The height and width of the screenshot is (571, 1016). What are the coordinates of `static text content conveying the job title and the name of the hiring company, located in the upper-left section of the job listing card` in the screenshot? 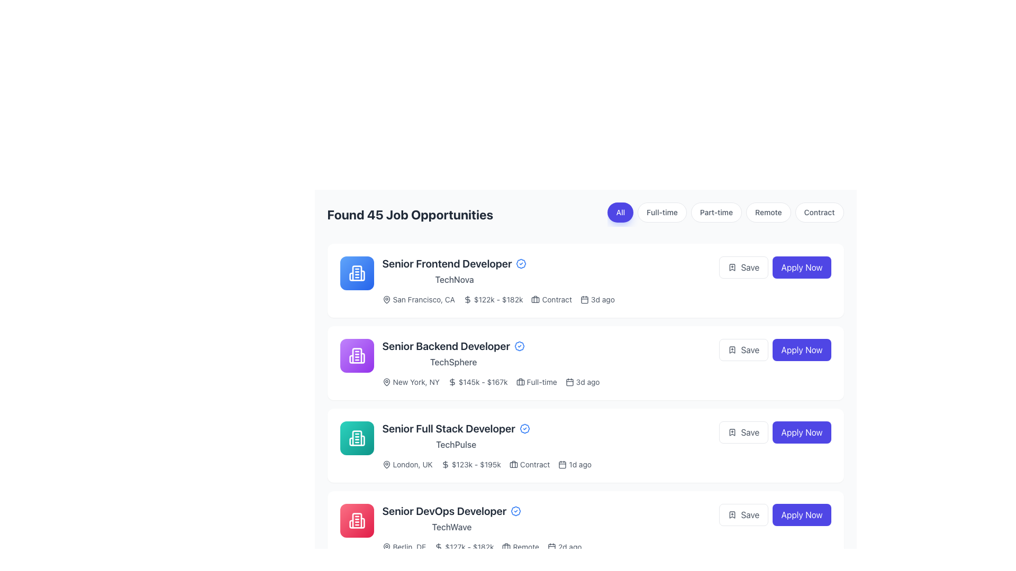 It's located at (453, 353).